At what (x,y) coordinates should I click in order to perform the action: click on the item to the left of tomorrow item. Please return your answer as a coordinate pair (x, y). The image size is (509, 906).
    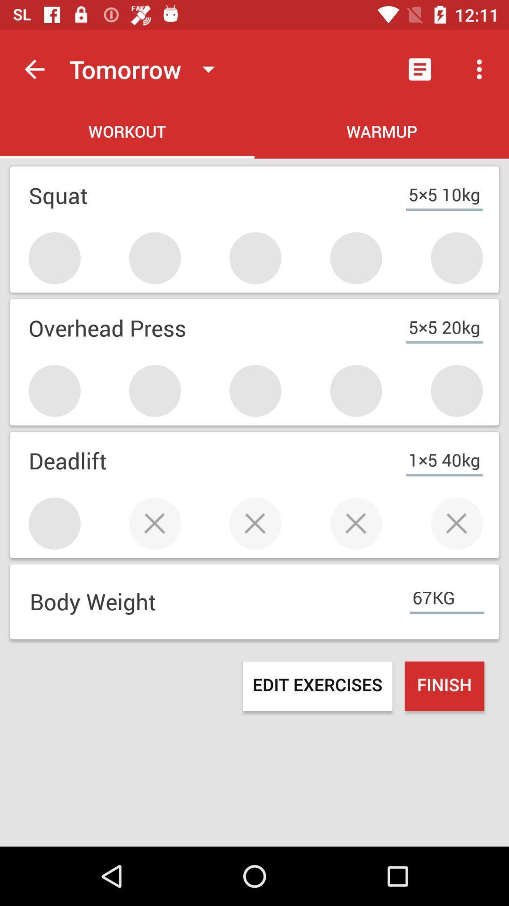
    Looking at the image, I should click on (34, 69).